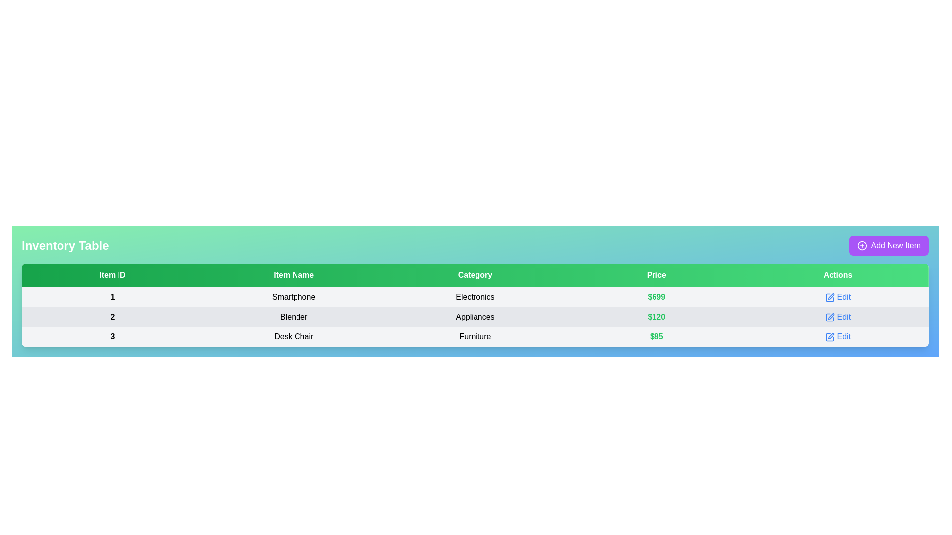  What do you see at coordinates (889, 245) in the screenshot?
I see `the 'Add Item' button located in the top-right corner of the inventory table interface to change its background color` at bounding box center [889, 245].